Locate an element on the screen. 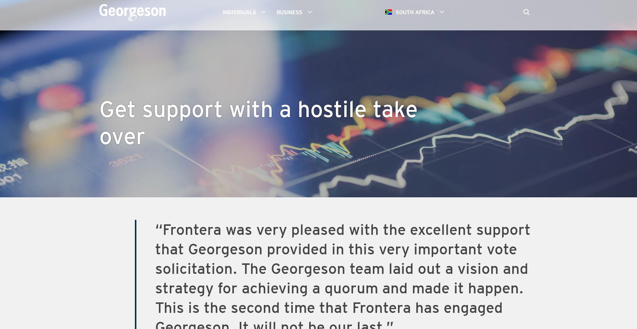  'Small Shareholder Programs' is located at coordinates (274, 65).